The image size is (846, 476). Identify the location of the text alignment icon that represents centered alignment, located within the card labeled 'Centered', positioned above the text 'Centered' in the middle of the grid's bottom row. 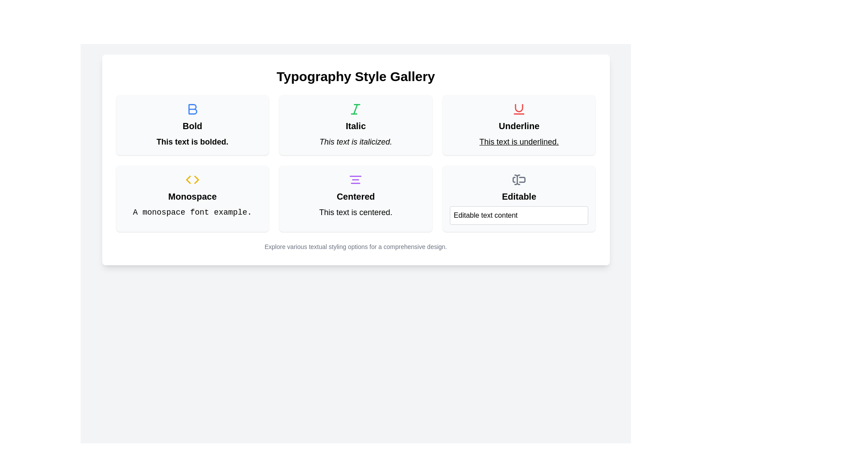
(356, 179).